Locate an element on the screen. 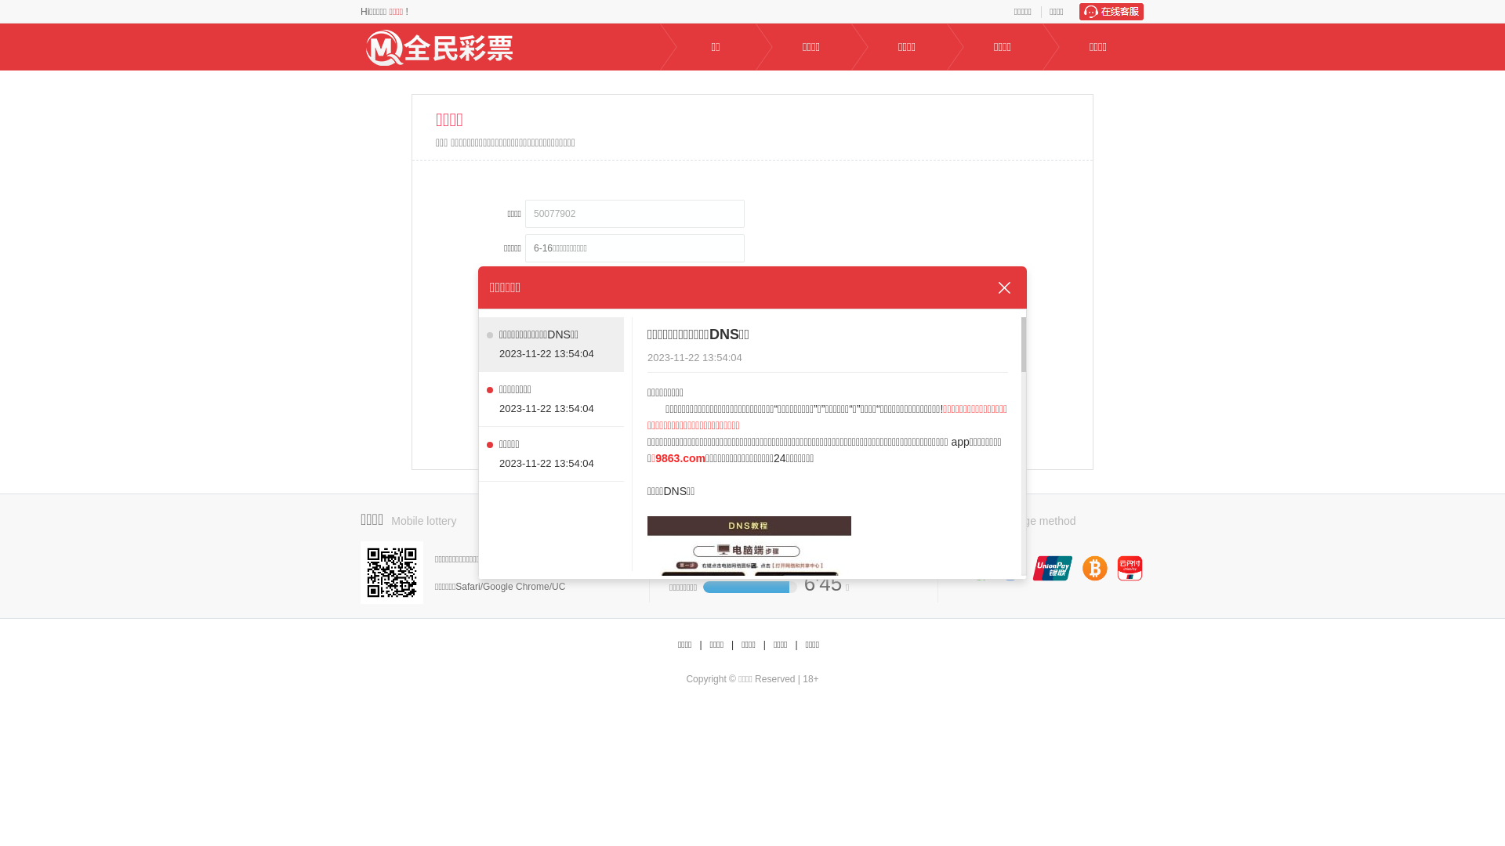 Image resolution: width=1505 pixels, height=846 pixels. '|' is located at coordinates (699, 645).